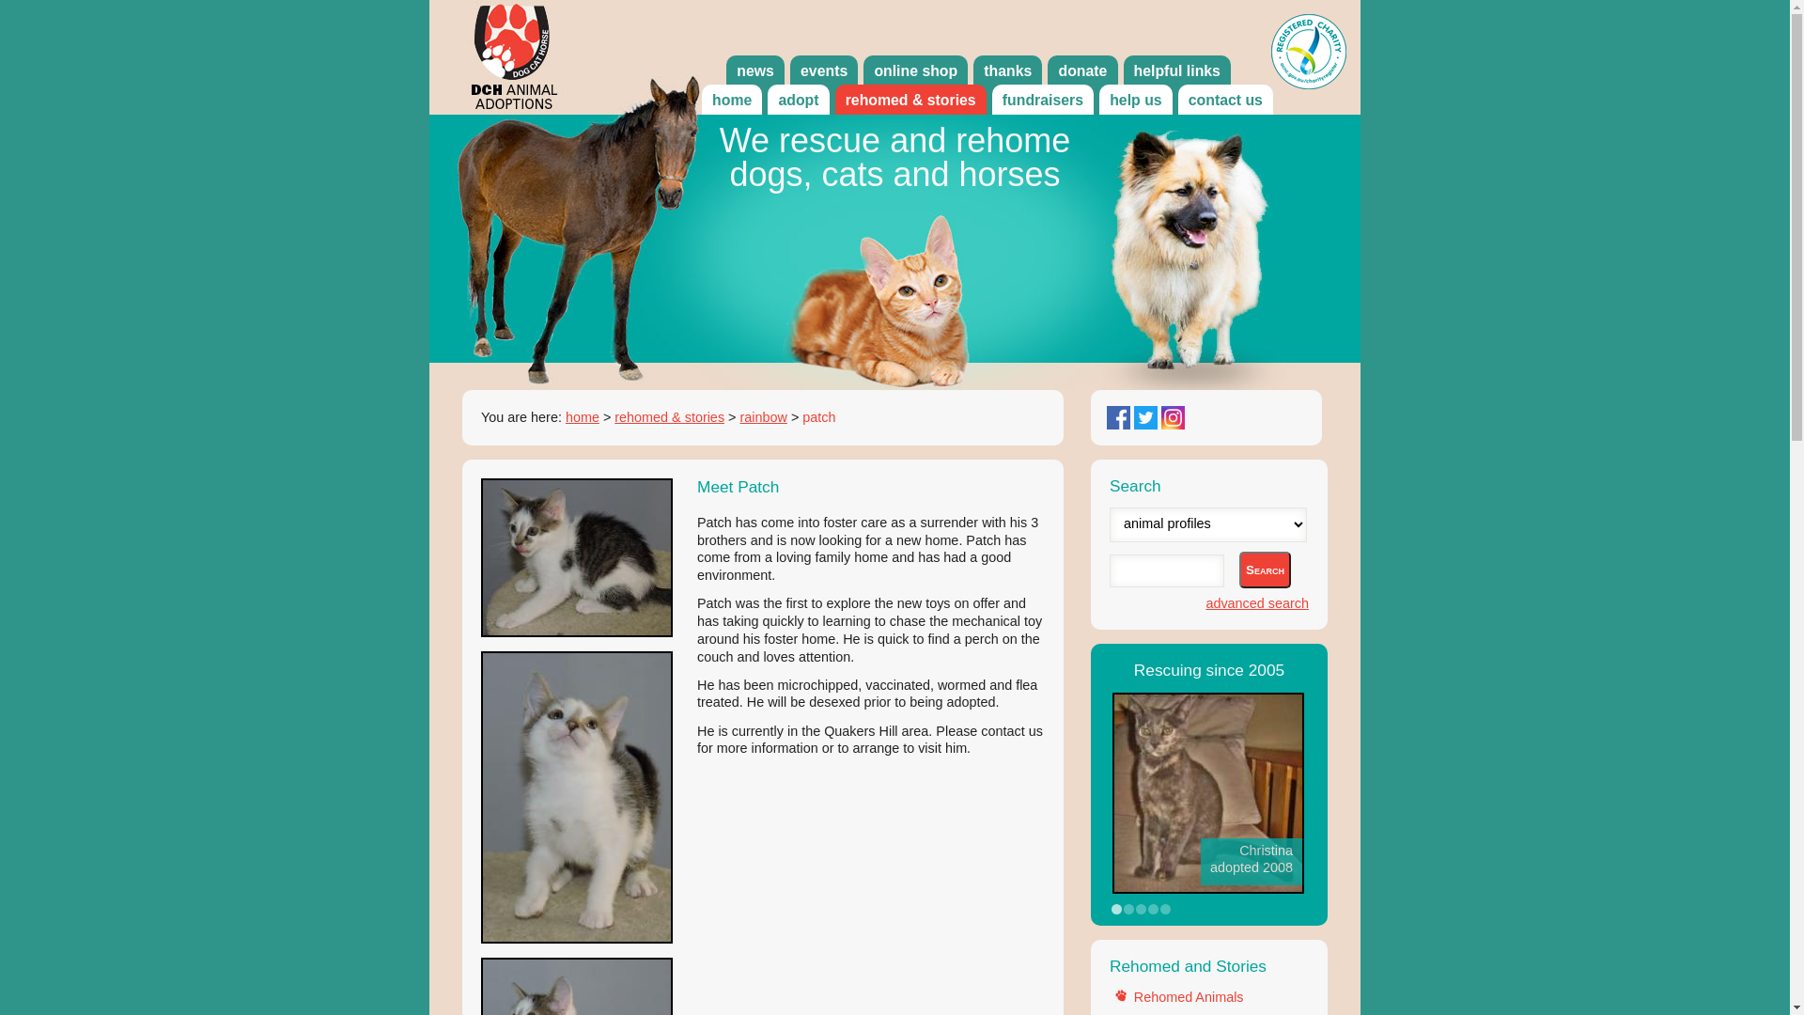 The width and height of the screenshot is (1804, 1015). I want to click on 'fundraisers', so click(1041, 101).